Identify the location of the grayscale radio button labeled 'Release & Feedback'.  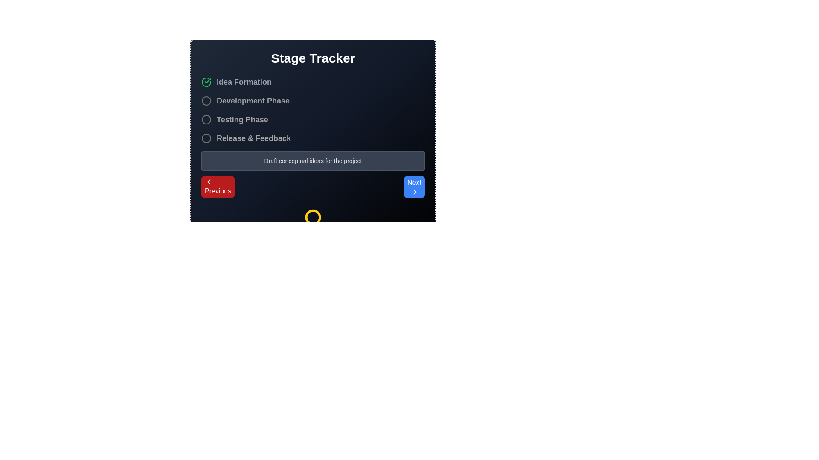
(313, 138).